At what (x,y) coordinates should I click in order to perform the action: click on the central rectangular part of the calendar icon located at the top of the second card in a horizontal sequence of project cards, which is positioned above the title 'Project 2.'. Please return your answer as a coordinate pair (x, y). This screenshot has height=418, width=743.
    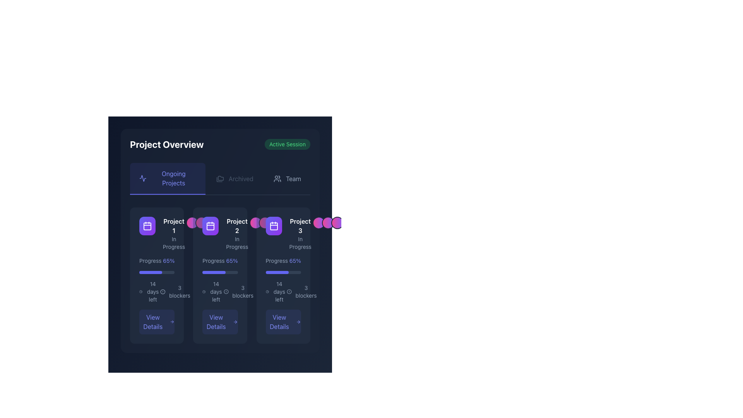
    Looking at the image, I should click on (211, 226).